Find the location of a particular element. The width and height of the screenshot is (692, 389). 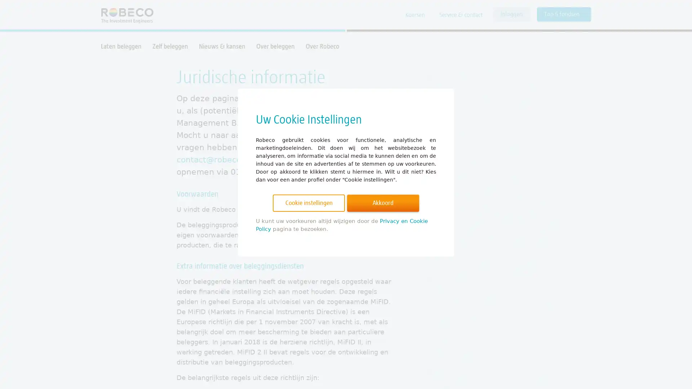

Over beleggen is located at coordinates (275, 46).